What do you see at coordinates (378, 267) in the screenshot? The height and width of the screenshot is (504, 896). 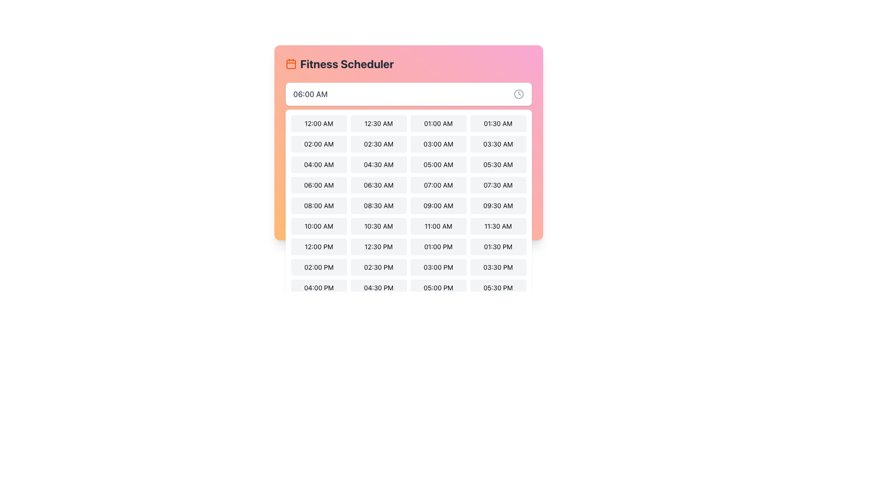 I see `the time slot selection button labeled '02:30 PM'` at bounding box center [378, 267].